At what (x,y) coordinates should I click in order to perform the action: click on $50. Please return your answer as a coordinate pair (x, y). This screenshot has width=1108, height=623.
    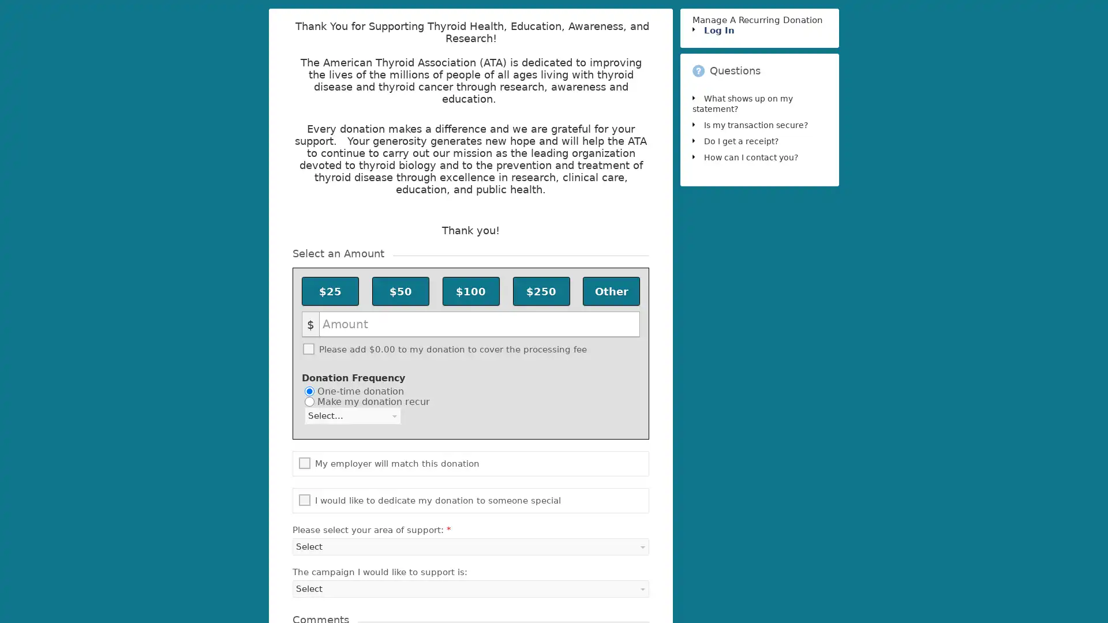
    Looking at the image, I should click on (400, 291).